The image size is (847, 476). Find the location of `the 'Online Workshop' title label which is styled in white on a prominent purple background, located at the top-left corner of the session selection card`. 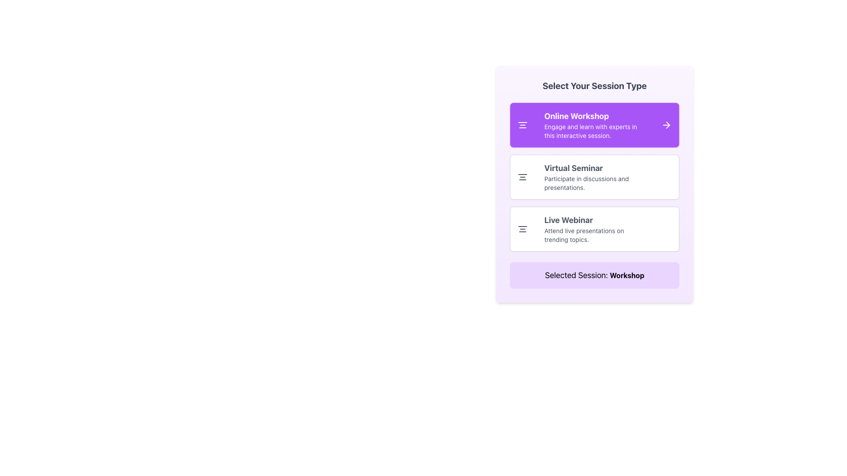

the 'Online Workshop' title label which is styled in white on a prominent purple background, located at the top-left corner of the session selection card is located at coordinates (595, 115).